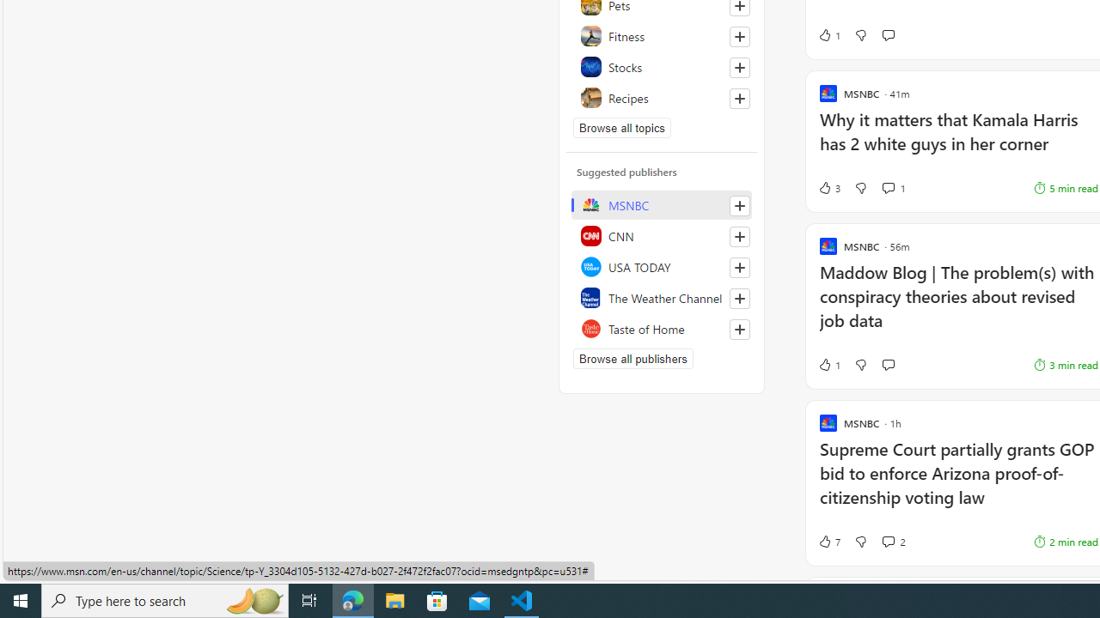 The height and width of the screenshot is (618, 1100). I want to click on 'Browse all topics', so click(621, 127).